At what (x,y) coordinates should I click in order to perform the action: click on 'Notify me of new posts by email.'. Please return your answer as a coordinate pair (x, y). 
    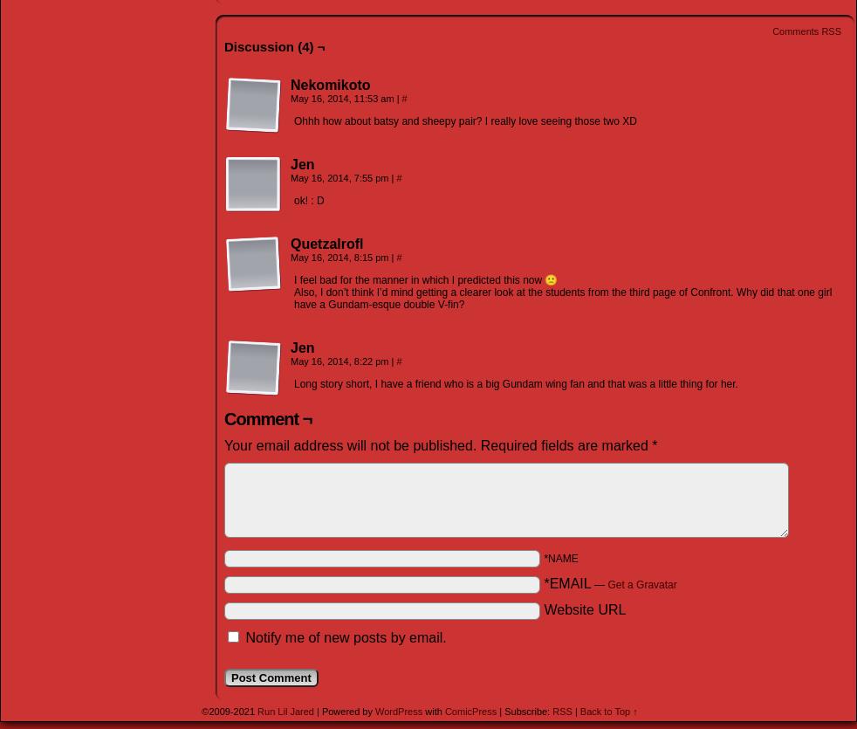
    Looking at the image, I should click on (346, 636).